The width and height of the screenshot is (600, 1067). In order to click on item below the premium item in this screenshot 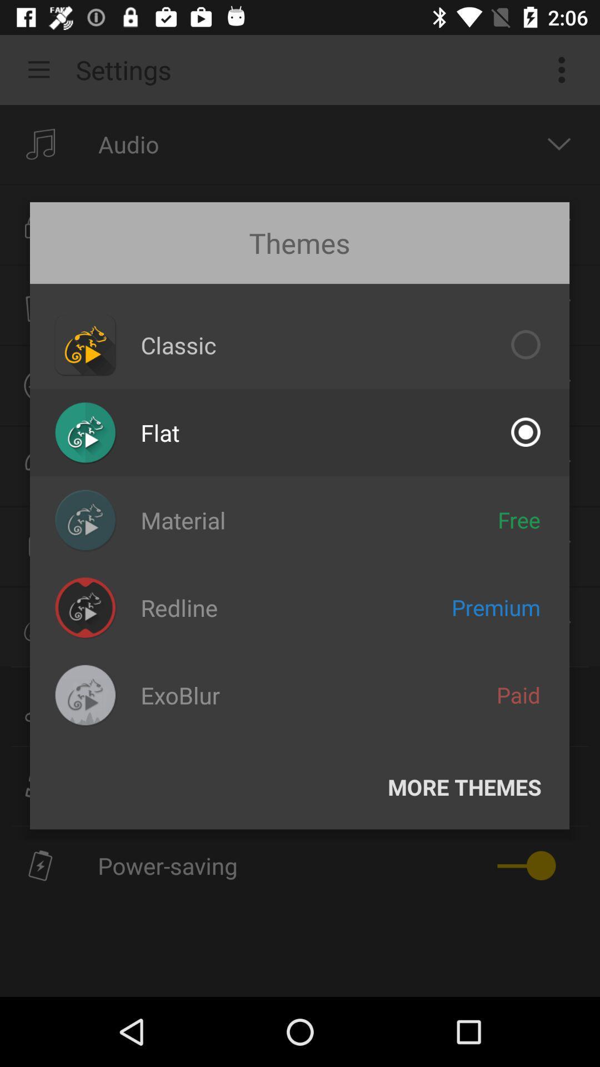, I will do `click(518, 694)`.